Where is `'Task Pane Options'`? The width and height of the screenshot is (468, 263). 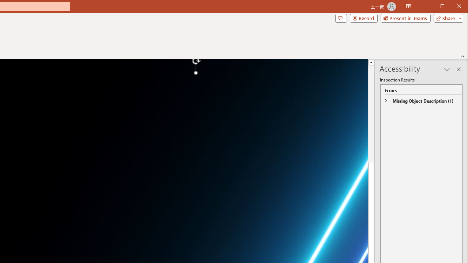
'Task Pane Options' is located at coordinates (447, 69).